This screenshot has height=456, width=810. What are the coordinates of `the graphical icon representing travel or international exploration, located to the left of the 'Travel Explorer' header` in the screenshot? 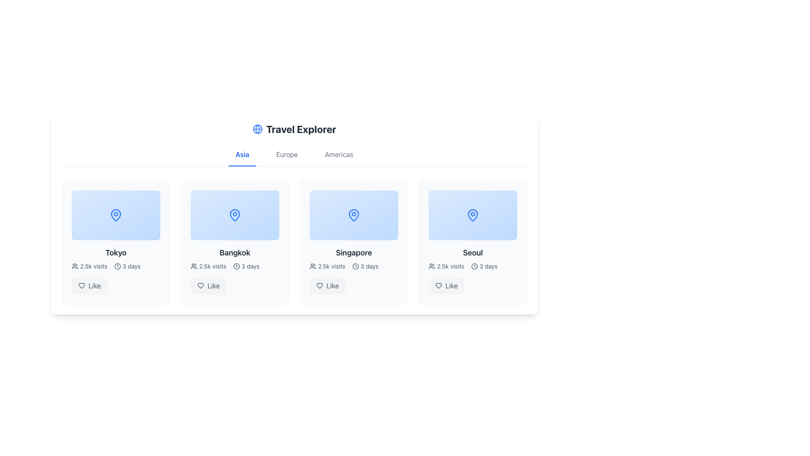 It's located at (257, 129).